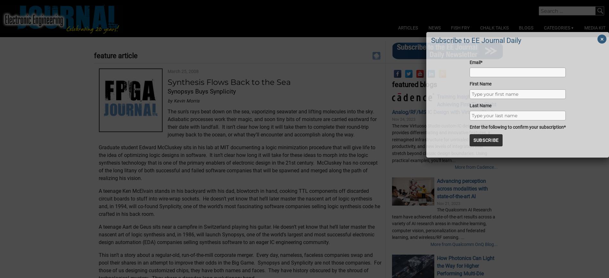  What do you see at coordinates (476, 199) in the screenshot?
I see `'More from Cadence...'` at bounding box center [476, 199].